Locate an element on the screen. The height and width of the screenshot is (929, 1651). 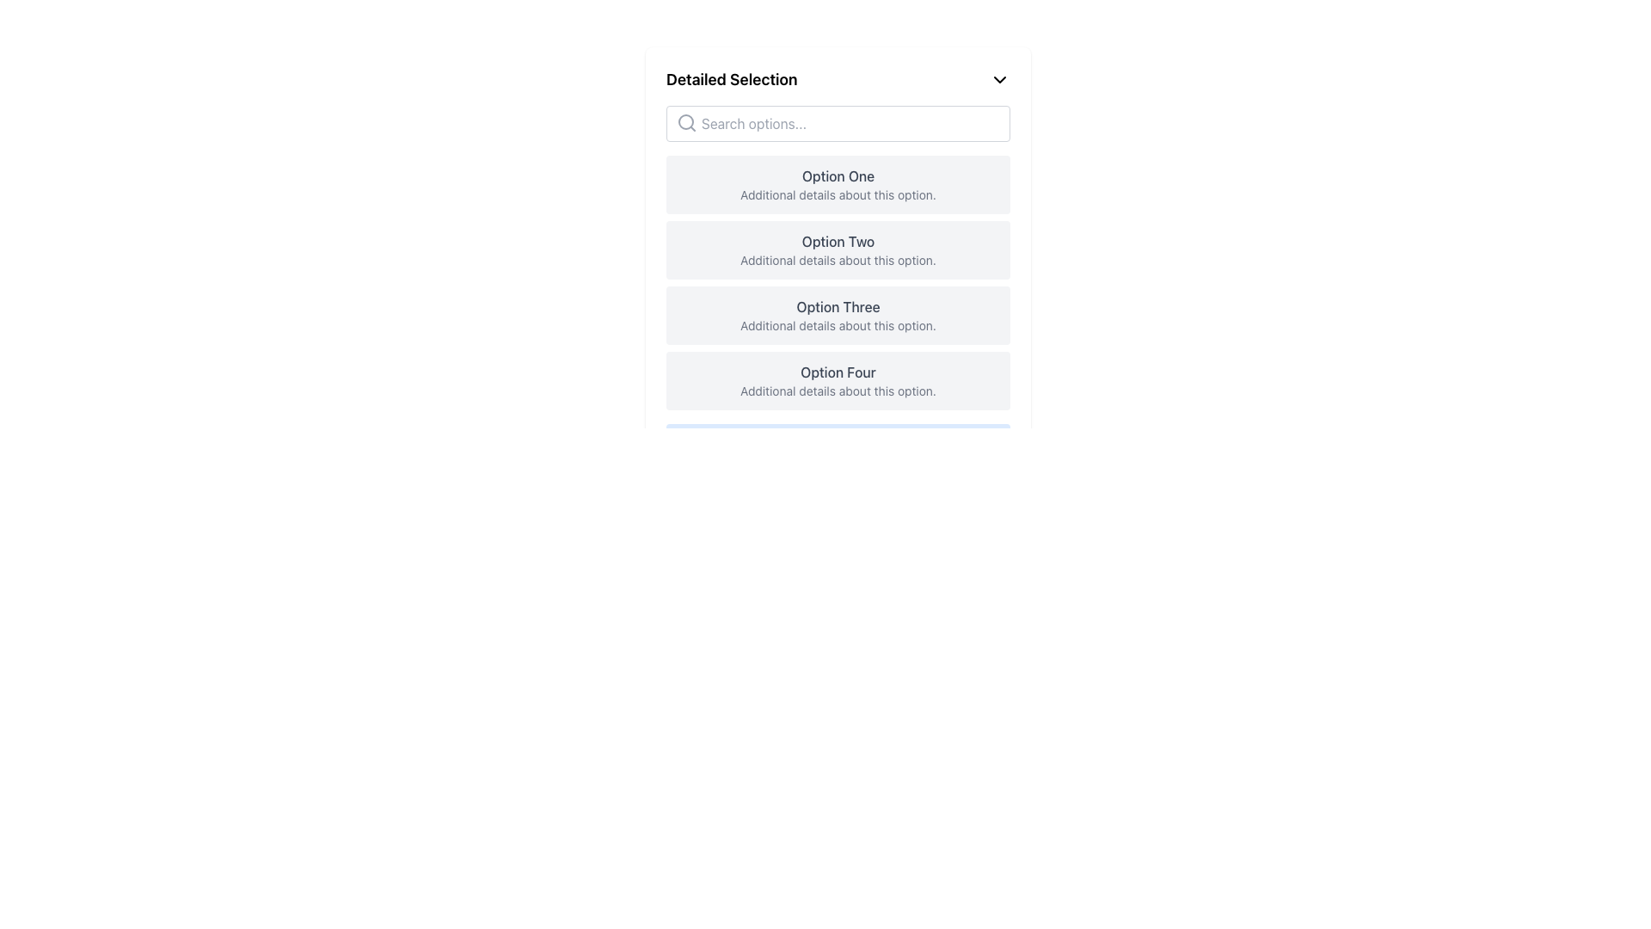
the third item in the vertical selection list is located at coordinates (838, 315).